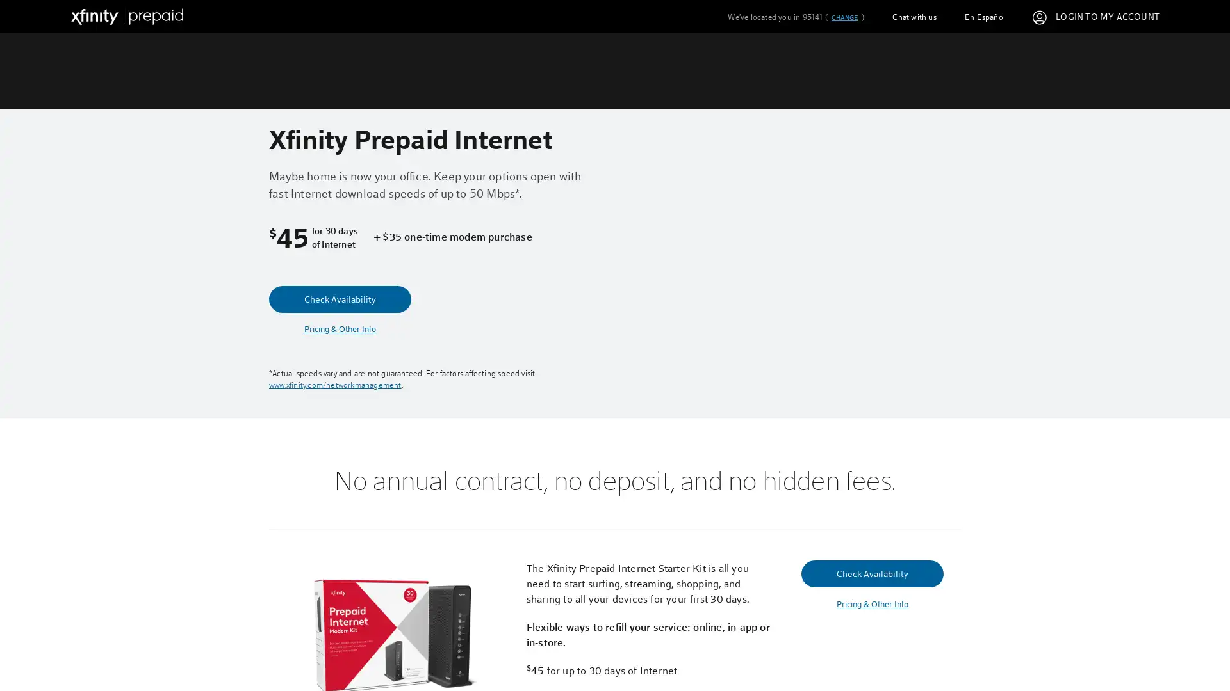  Describe the element at coordinates (340, 299) in the screenshot. I see `Check Availability` at that location.